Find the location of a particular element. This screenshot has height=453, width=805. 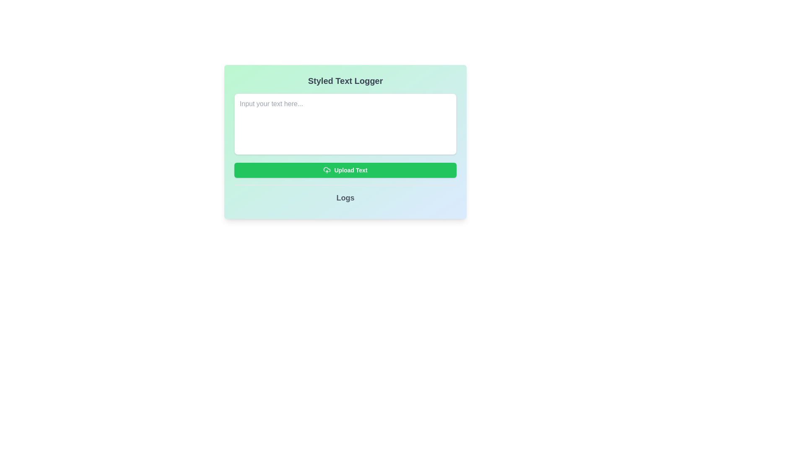

the upload icon located inside the 'Upload Text' button is located at coordinates (327, 170).